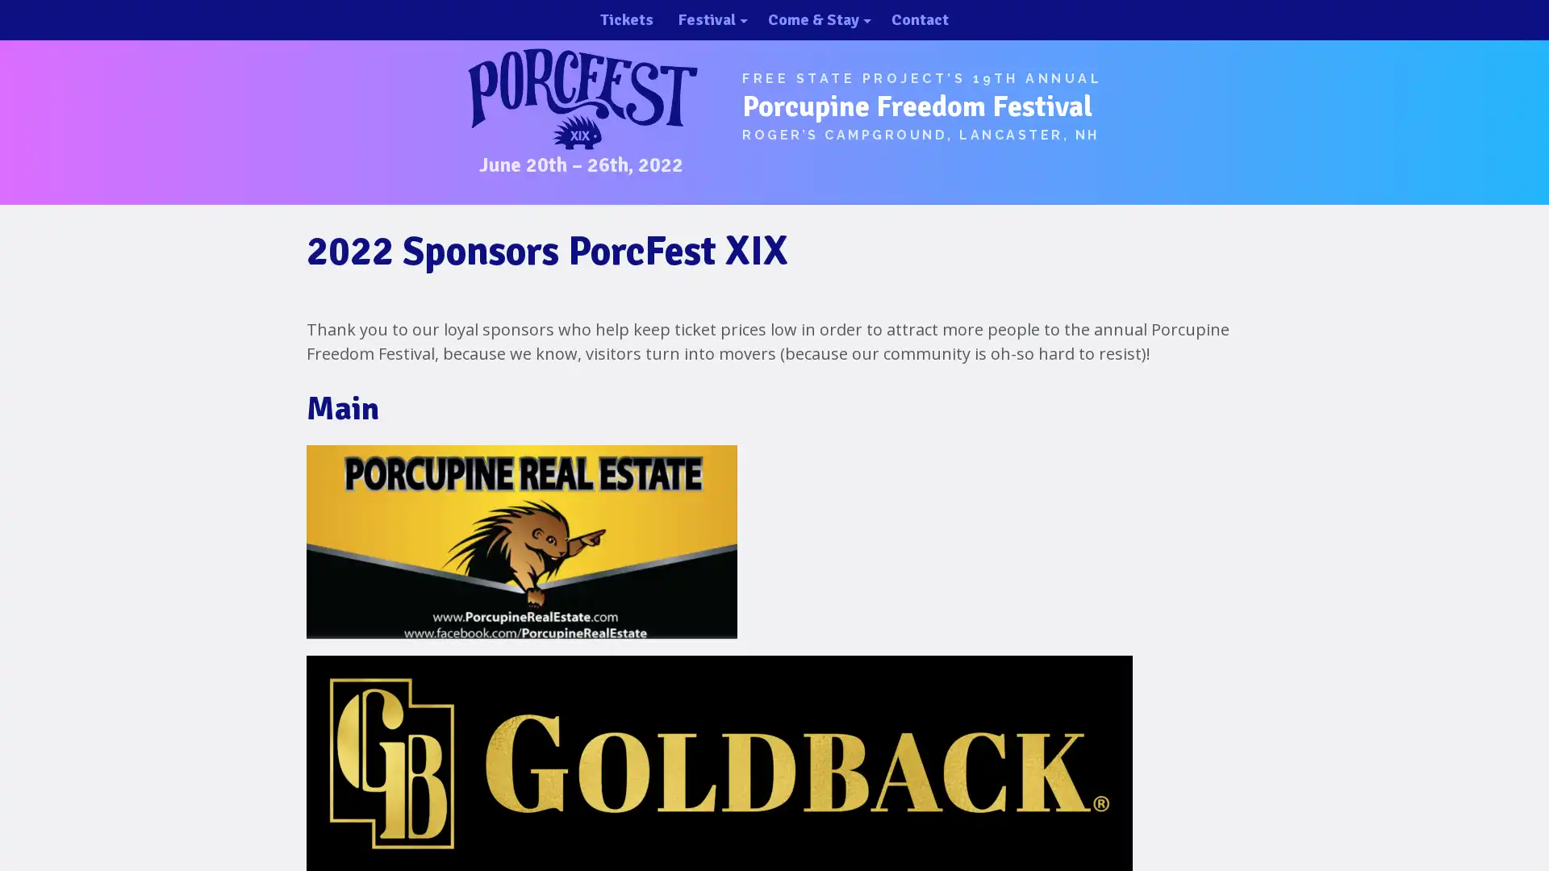 Image resolution: width=1549 pixels, height=871 pixels. I want to click on close, so click(1497, 65).